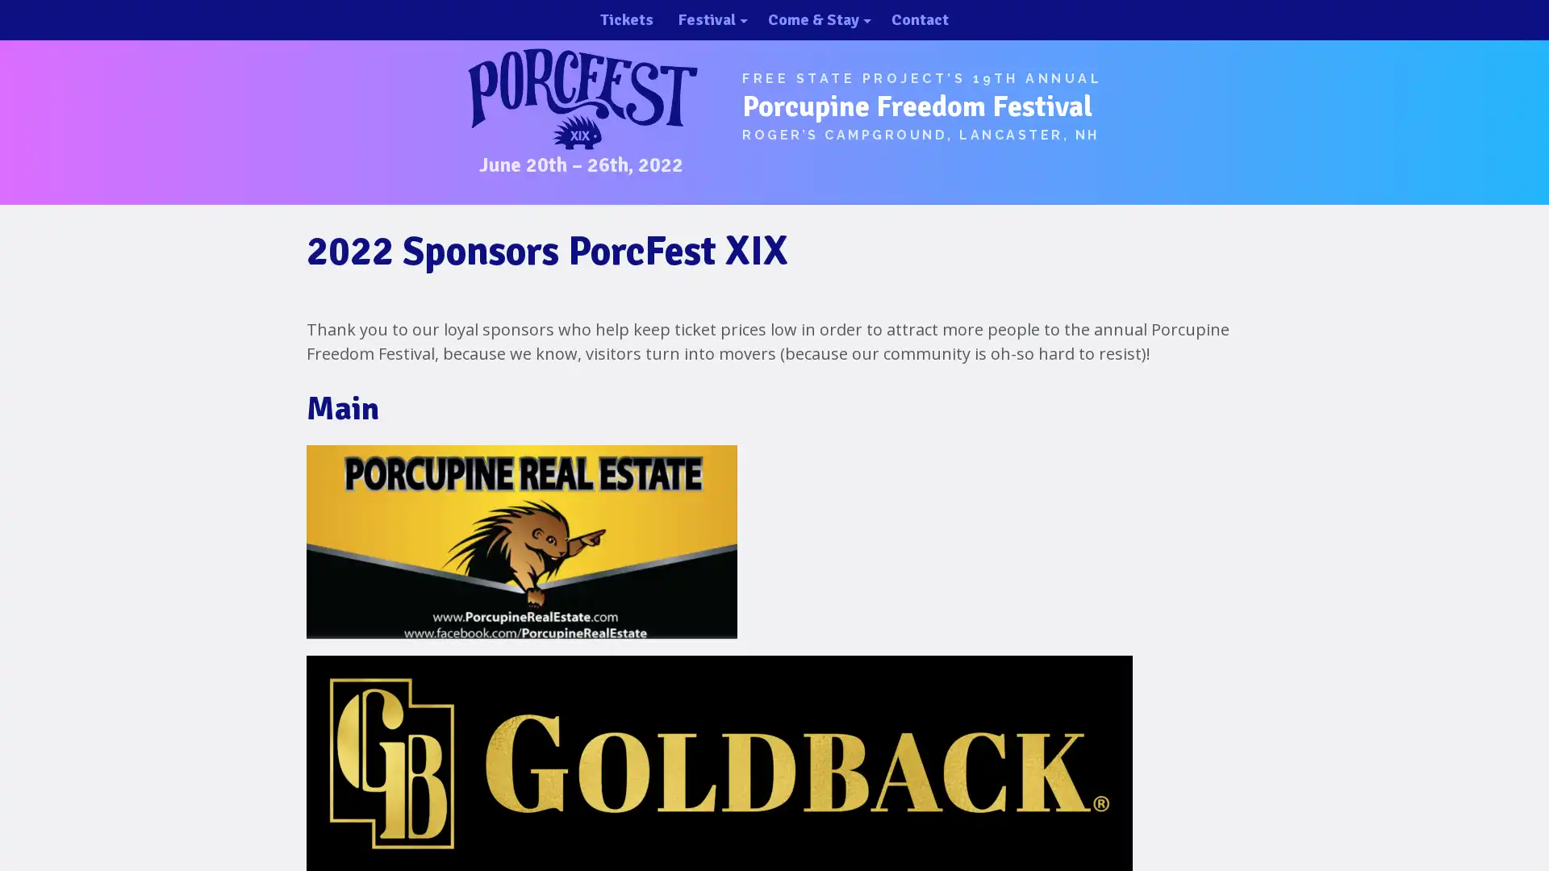 Image resolution: width=1549 pixels, height=871 pixels. I want to click on close, so click(1497, 65).